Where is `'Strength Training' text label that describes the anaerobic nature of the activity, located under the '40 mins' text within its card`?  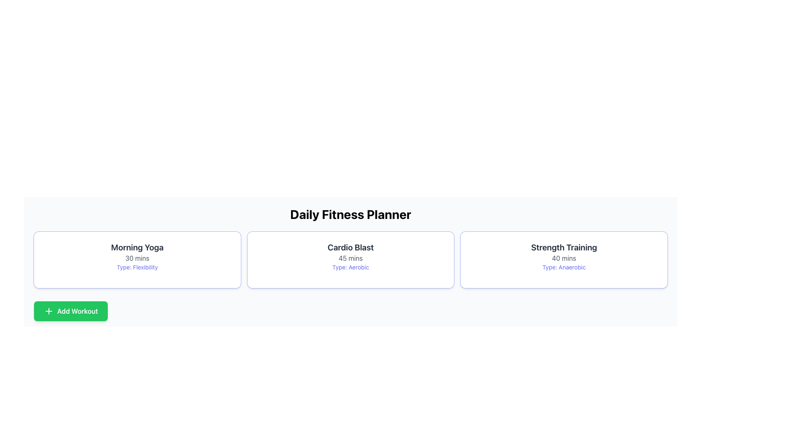 'Strength Training' text label that describes the anaerobic nature of the activity, located under the '40 mins' text within its card is located at coordinates (564, 267).